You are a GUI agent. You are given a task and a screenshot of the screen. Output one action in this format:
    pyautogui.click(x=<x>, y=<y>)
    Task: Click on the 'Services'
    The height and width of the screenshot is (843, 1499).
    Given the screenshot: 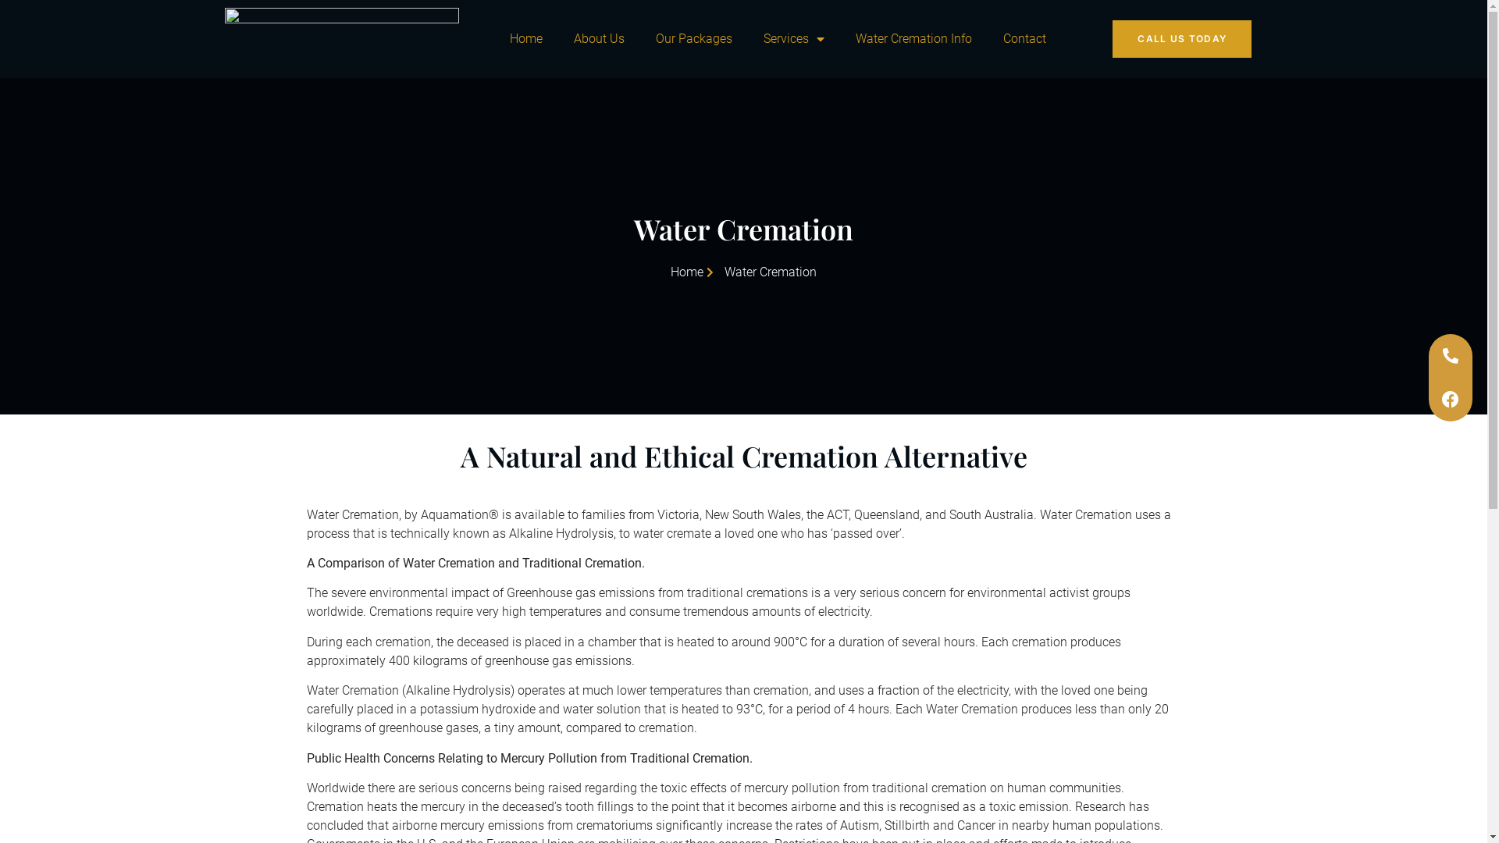 What is the action you would take?
    pyautogui.click(x=794, y=38)
    